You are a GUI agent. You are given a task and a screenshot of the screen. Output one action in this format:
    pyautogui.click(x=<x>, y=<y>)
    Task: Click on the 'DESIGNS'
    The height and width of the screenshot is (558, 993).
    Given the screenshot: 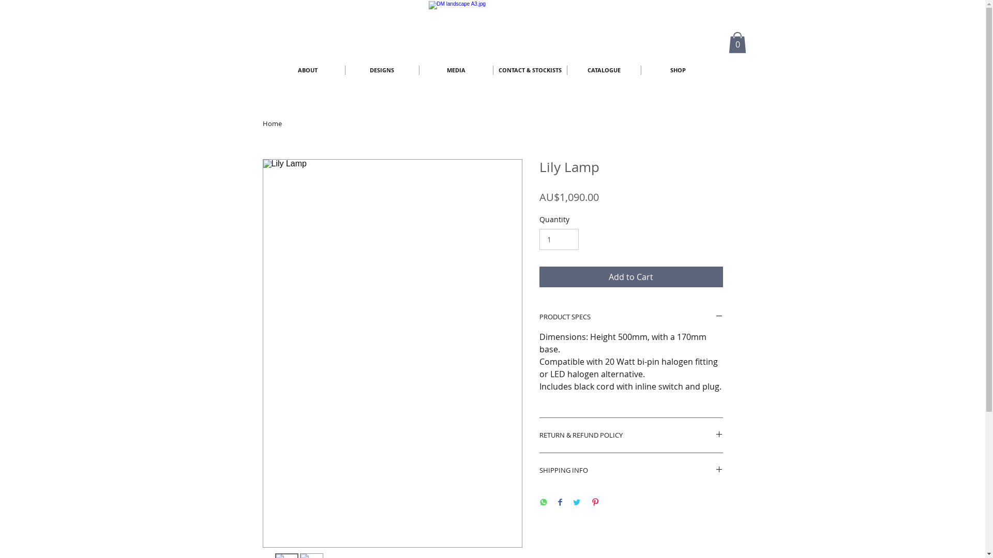 What is the action you would take?
    pyautogui.click(x=345, y=70)
    